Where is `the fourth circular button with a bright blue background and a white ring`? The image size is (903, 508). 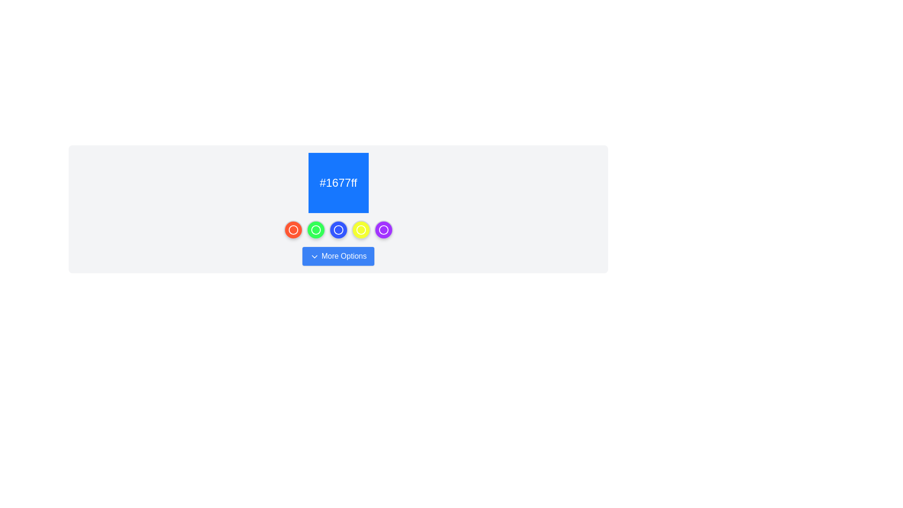
the fourth circular button with a bright blue background and a white ring is located at coordinates (338, 230).